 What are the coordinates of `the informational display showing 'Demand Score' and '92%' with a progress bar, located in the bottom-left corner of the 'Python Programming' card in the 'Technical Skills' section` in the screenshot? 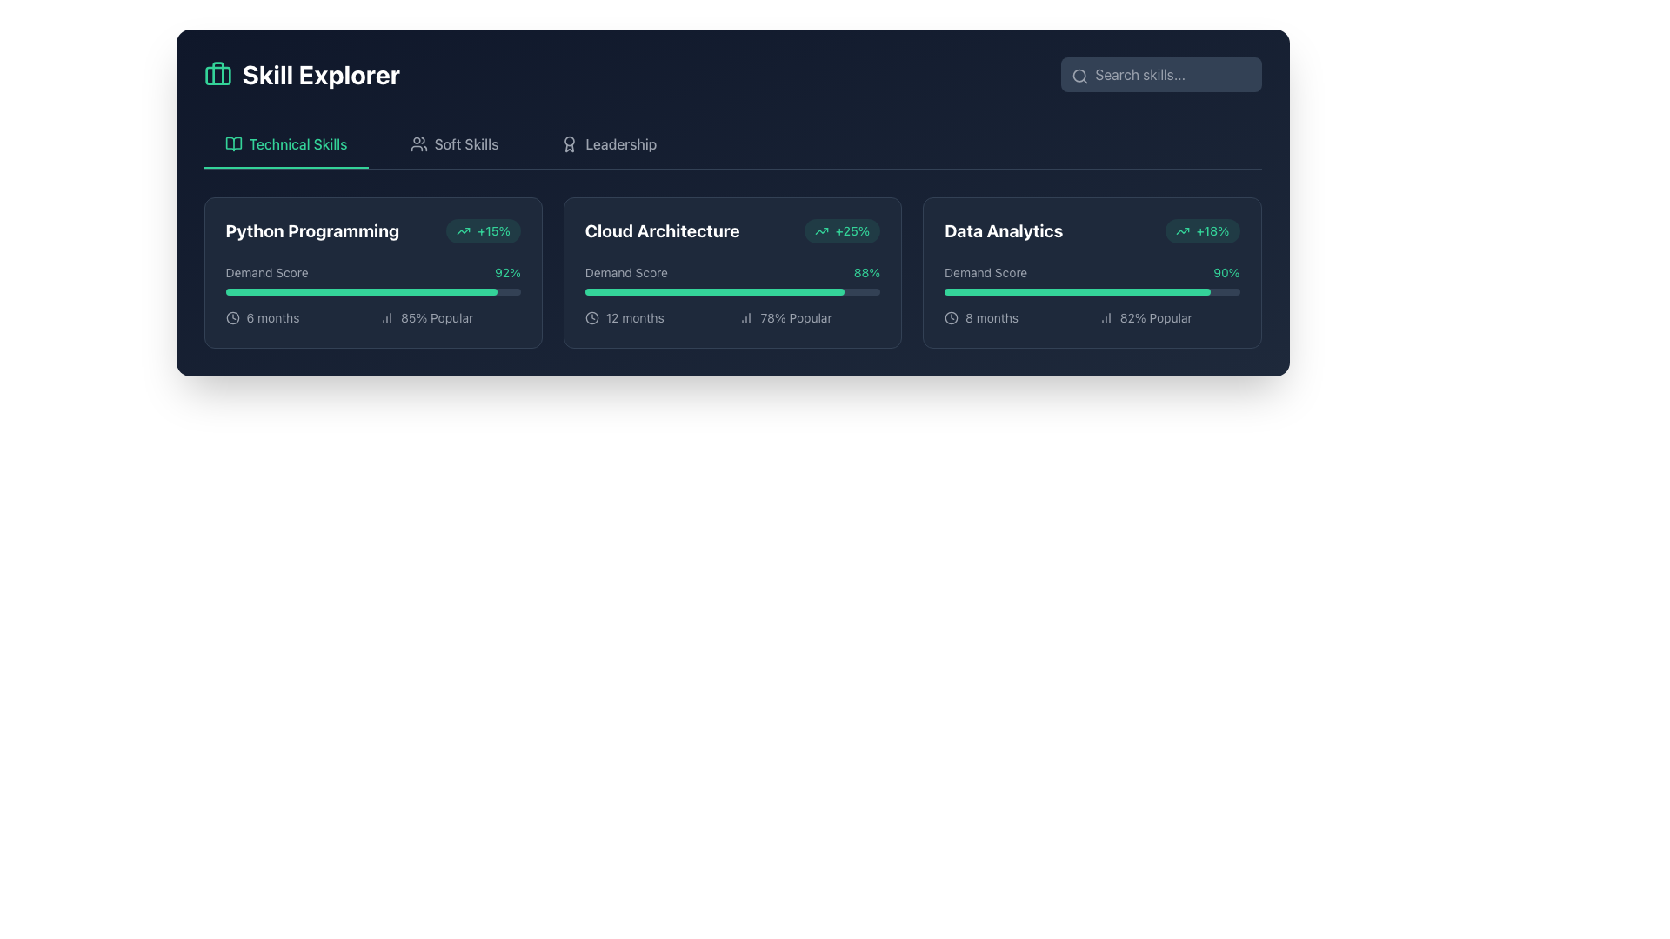 It's located at (372, 278).